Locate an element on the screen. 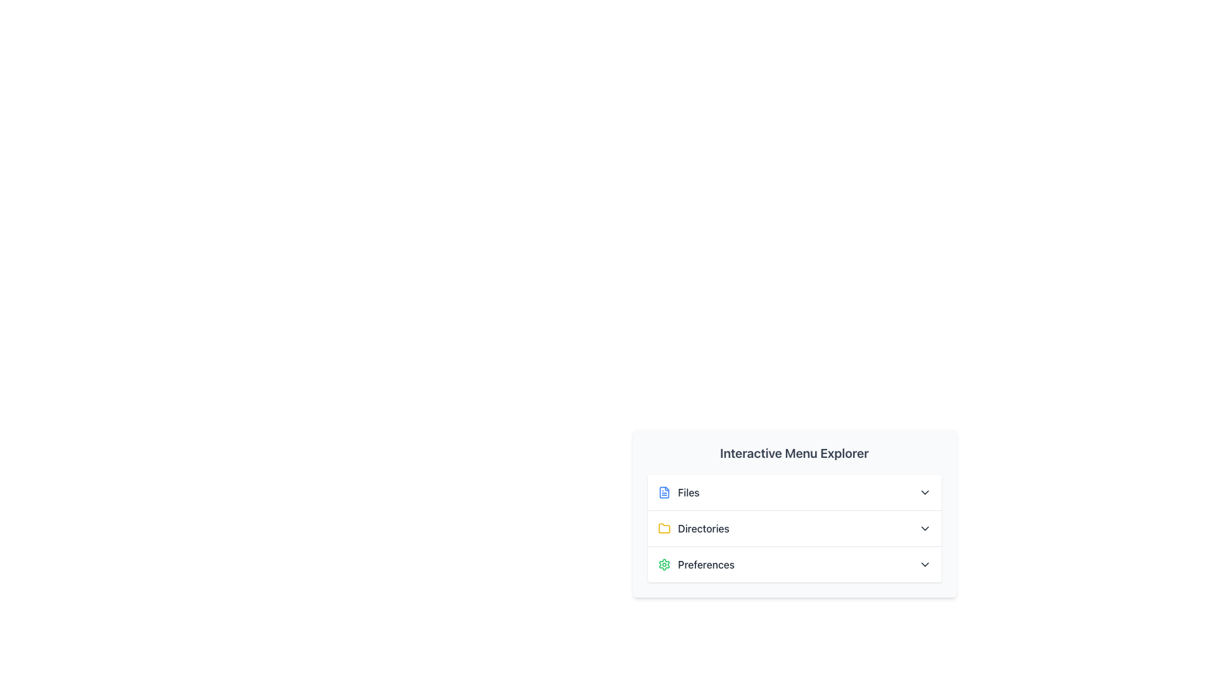  the 'Preferences' text label, which is the third item in the vertical list under 'Interactive Menu Explorer' is located at coordinates (706, 564).